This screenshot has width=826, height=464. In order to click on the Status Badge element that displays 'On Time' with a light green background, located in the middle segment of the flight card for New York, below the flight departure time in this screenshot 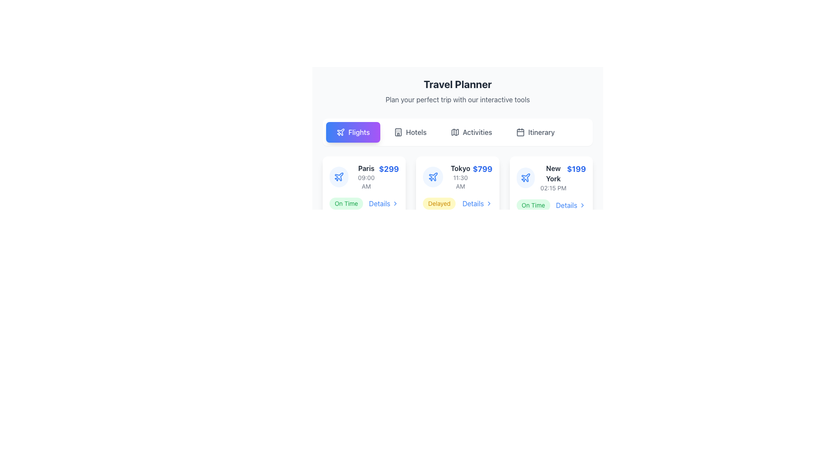, I will do `click(346, 204)`.